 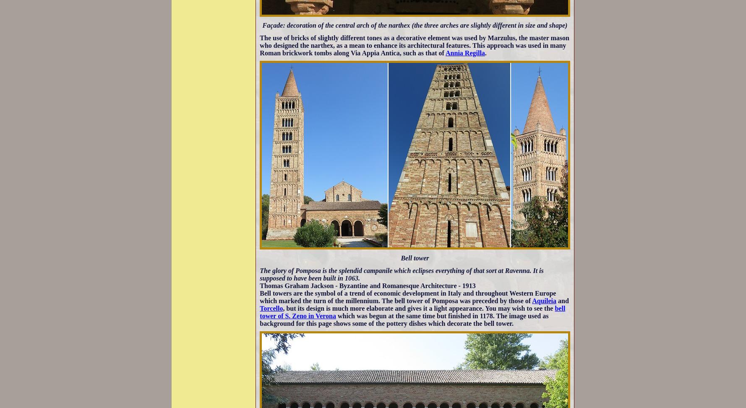 I want to click on 'and', so click(x=562, y=300).